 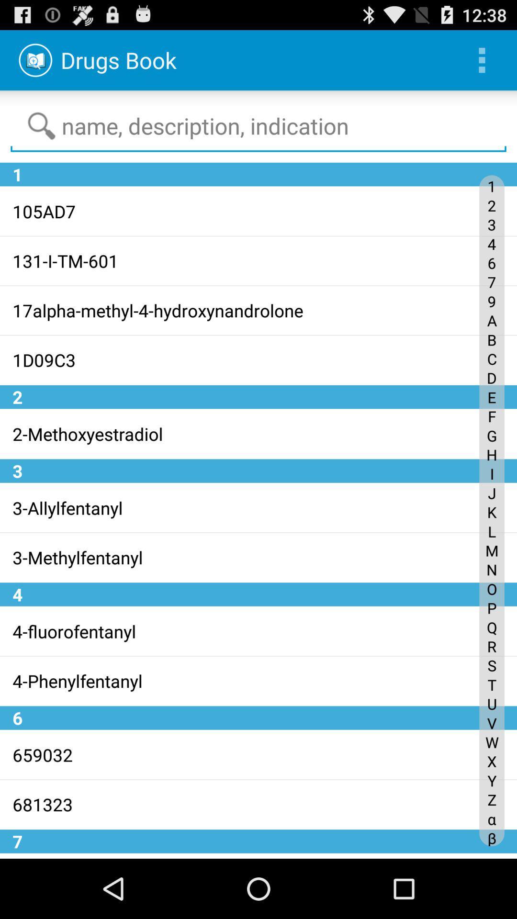 I want to click on write name or description, so click(x=258, y=126).